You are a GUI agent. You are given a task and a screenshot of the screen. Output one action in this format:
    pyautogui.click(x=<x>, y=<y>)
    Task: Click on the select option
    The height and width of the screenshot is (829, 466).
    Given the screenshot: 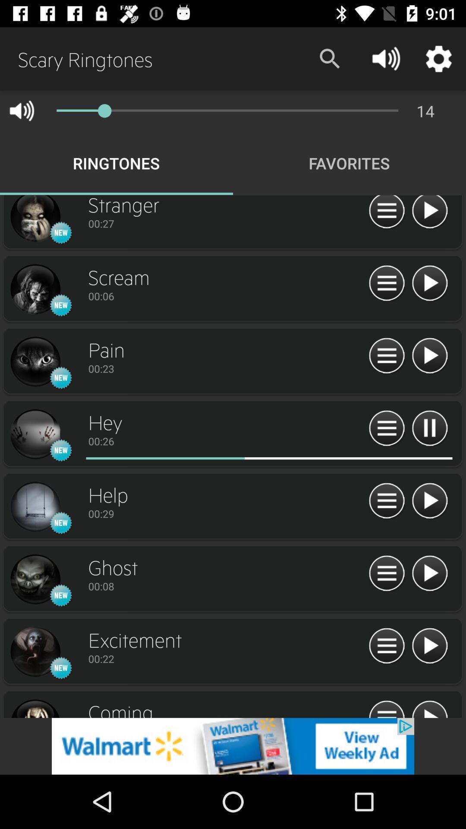 What is the action you would take?
    pyautogui.click(x=386, y=501)
    